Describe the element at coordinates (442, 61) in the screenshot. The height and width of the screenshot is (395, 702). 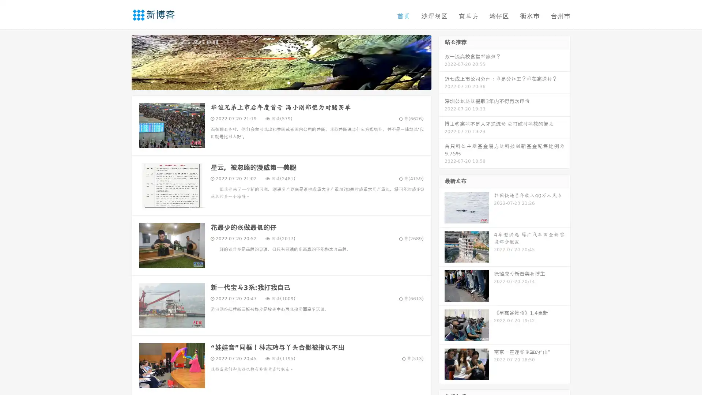
I see `Next slide` at that location.